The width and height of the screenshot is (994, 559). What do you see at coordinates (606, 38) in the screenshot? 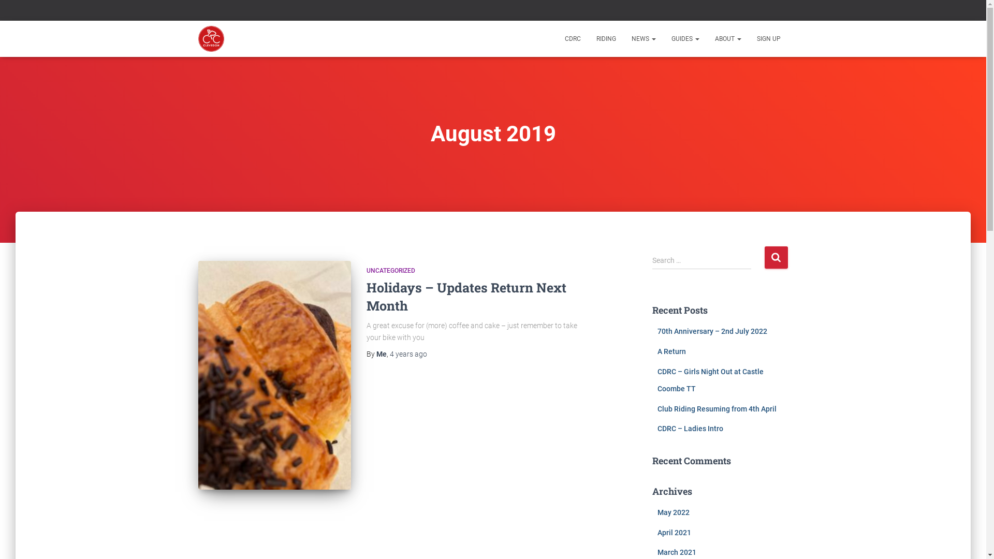
I see `'RIDING'` at bounding box center [606, 38].